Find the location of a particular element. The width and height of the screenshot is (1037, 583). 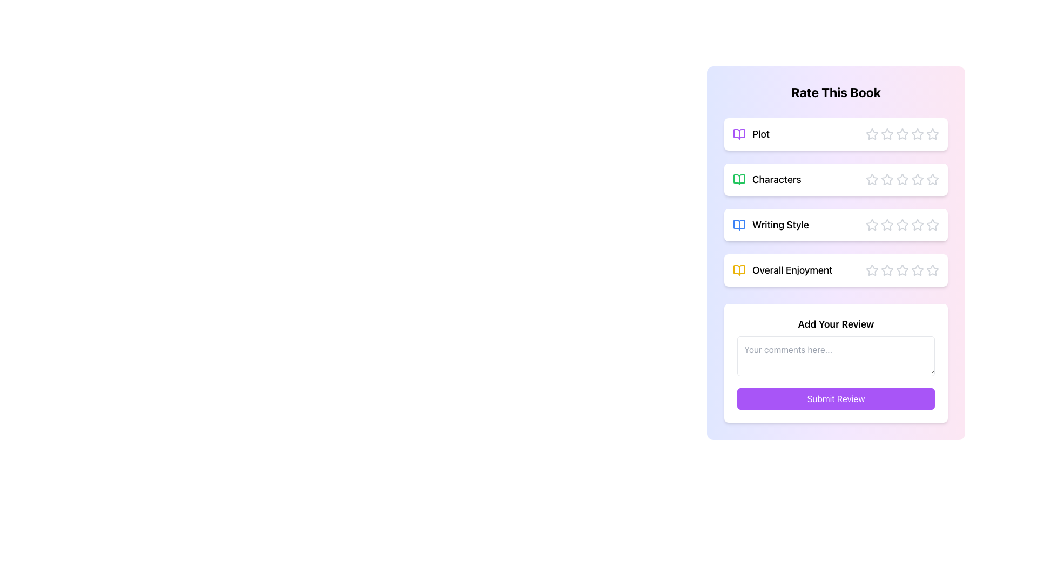

the third star icon in the 'Overall Enjoyment' section is located at coordinates (902, 270).